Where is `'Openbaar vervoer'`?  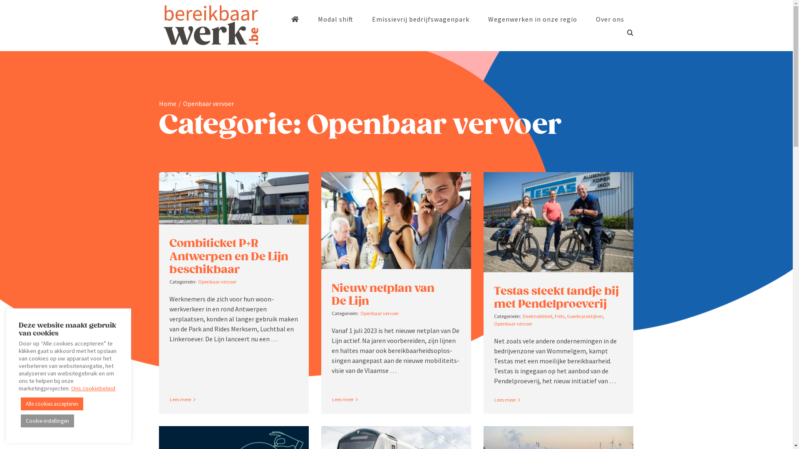 'Openbaar vervoer' is located at coordinates (379, 313).